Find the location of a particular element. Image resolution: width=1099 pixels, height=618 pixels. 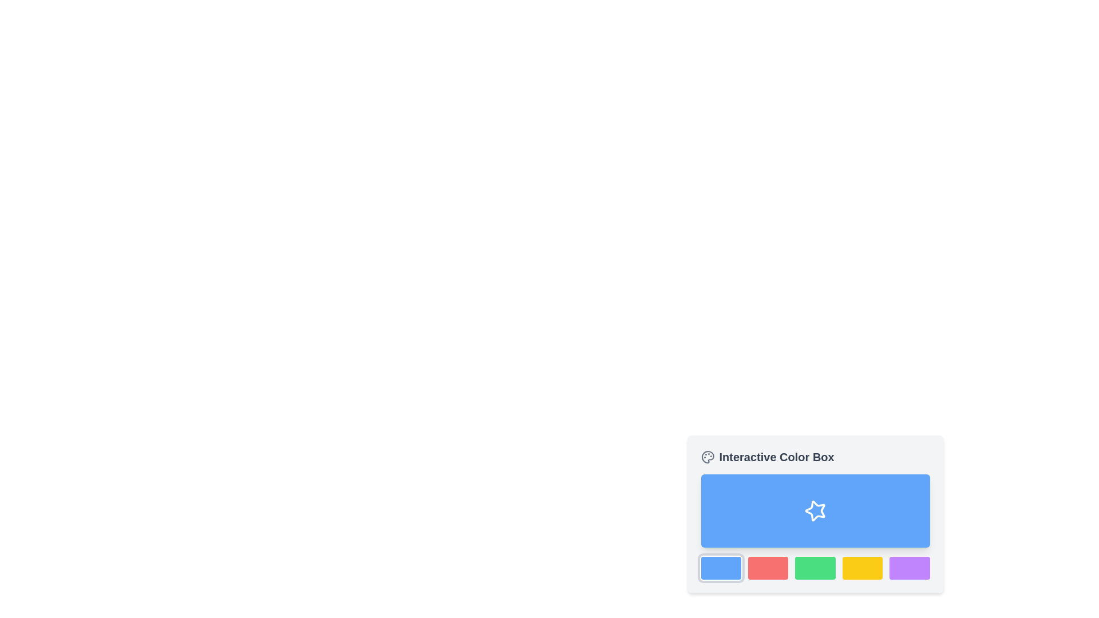

the first button in the horizontal color selection grid positioned below the 'Interactive Color Box' is located at coordinates (720, 568).